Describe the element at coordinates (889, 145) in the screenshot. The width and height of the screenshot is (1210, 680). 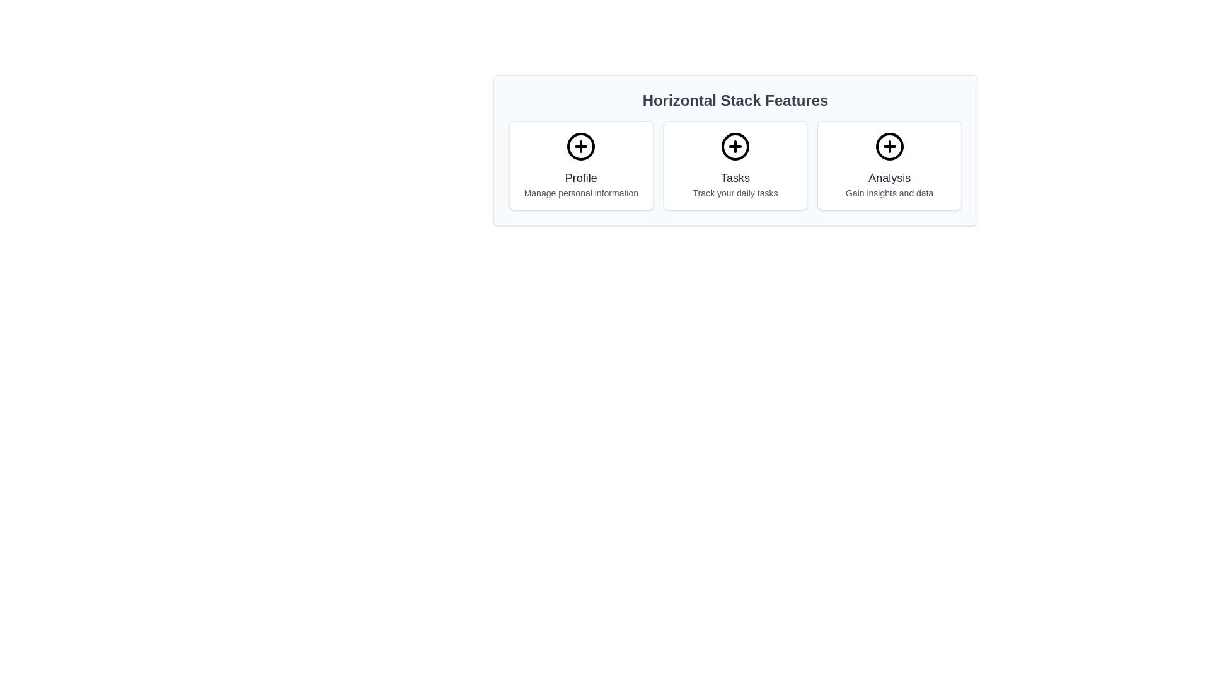
I see `the circular orange icon with a cross inside, located at the top center of the 'Analysis' card, if it is interactive` at that location.